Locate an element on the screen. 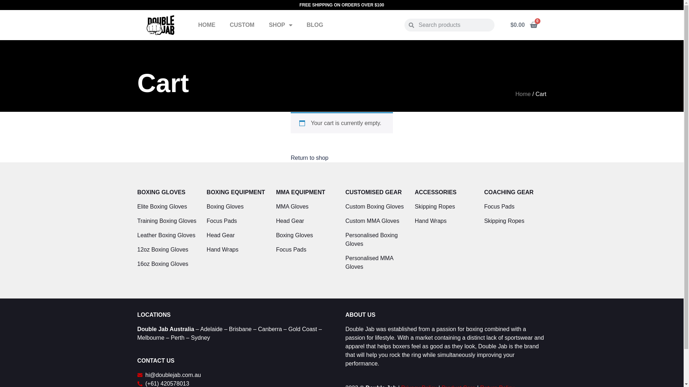  'Skipping Ropes' is located at coordinates (515, 221).